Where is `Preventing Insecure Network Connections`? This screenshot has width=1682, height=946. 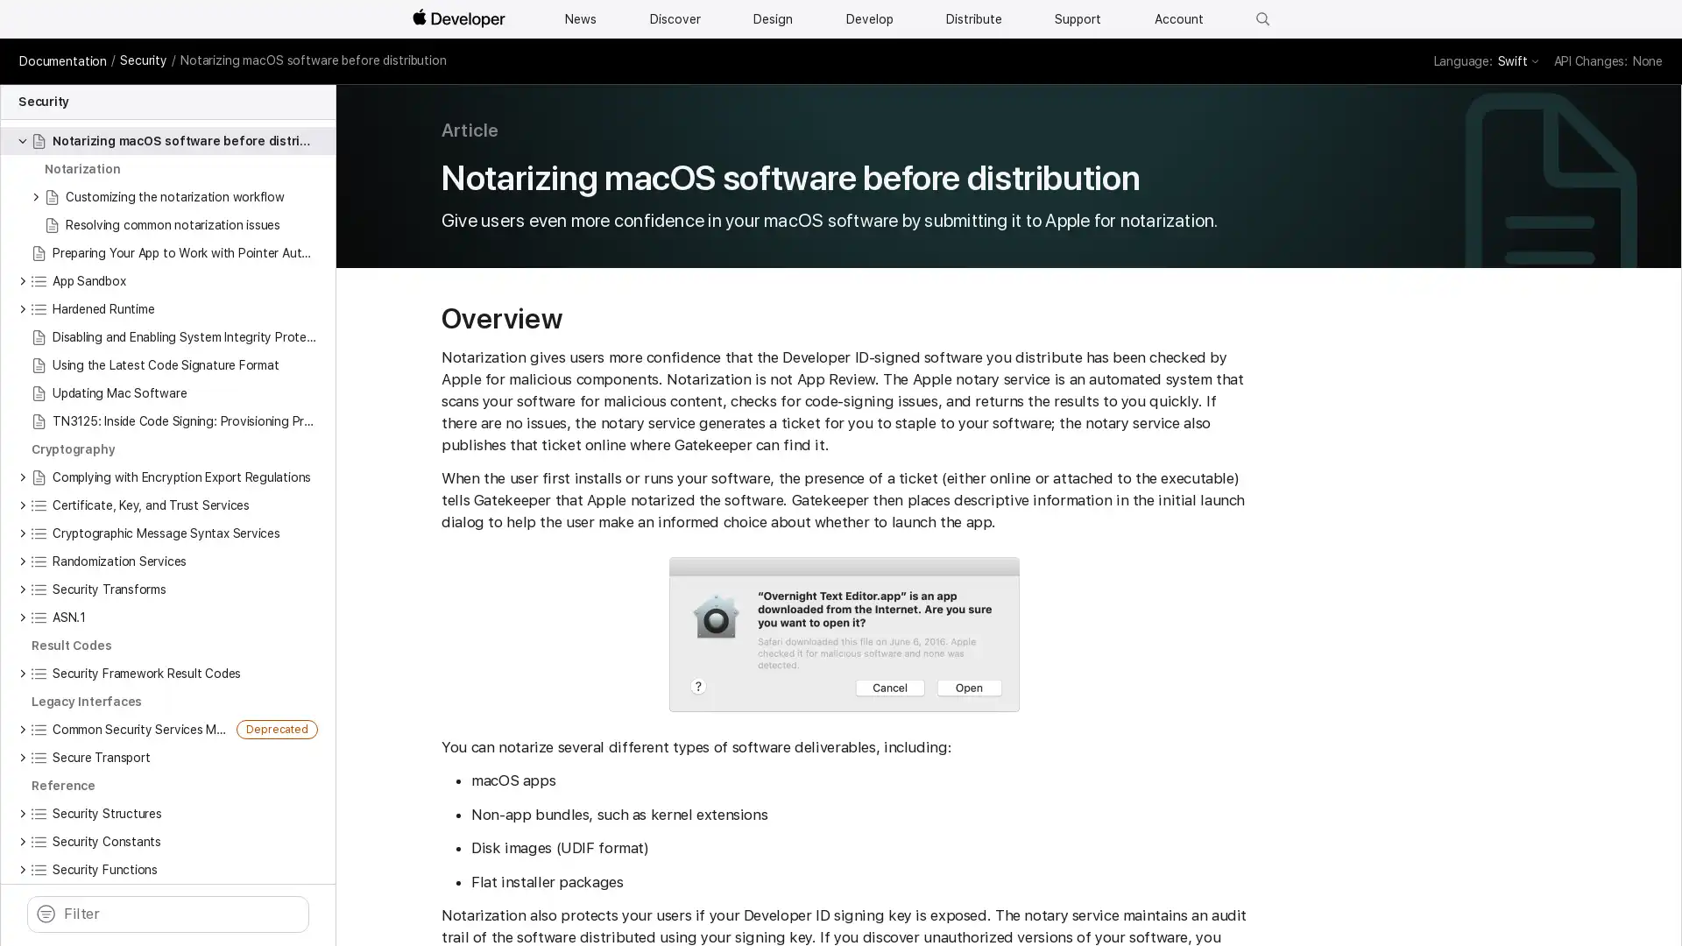 Preventing Insecure Network Connections is located at coordinates (20, 67).